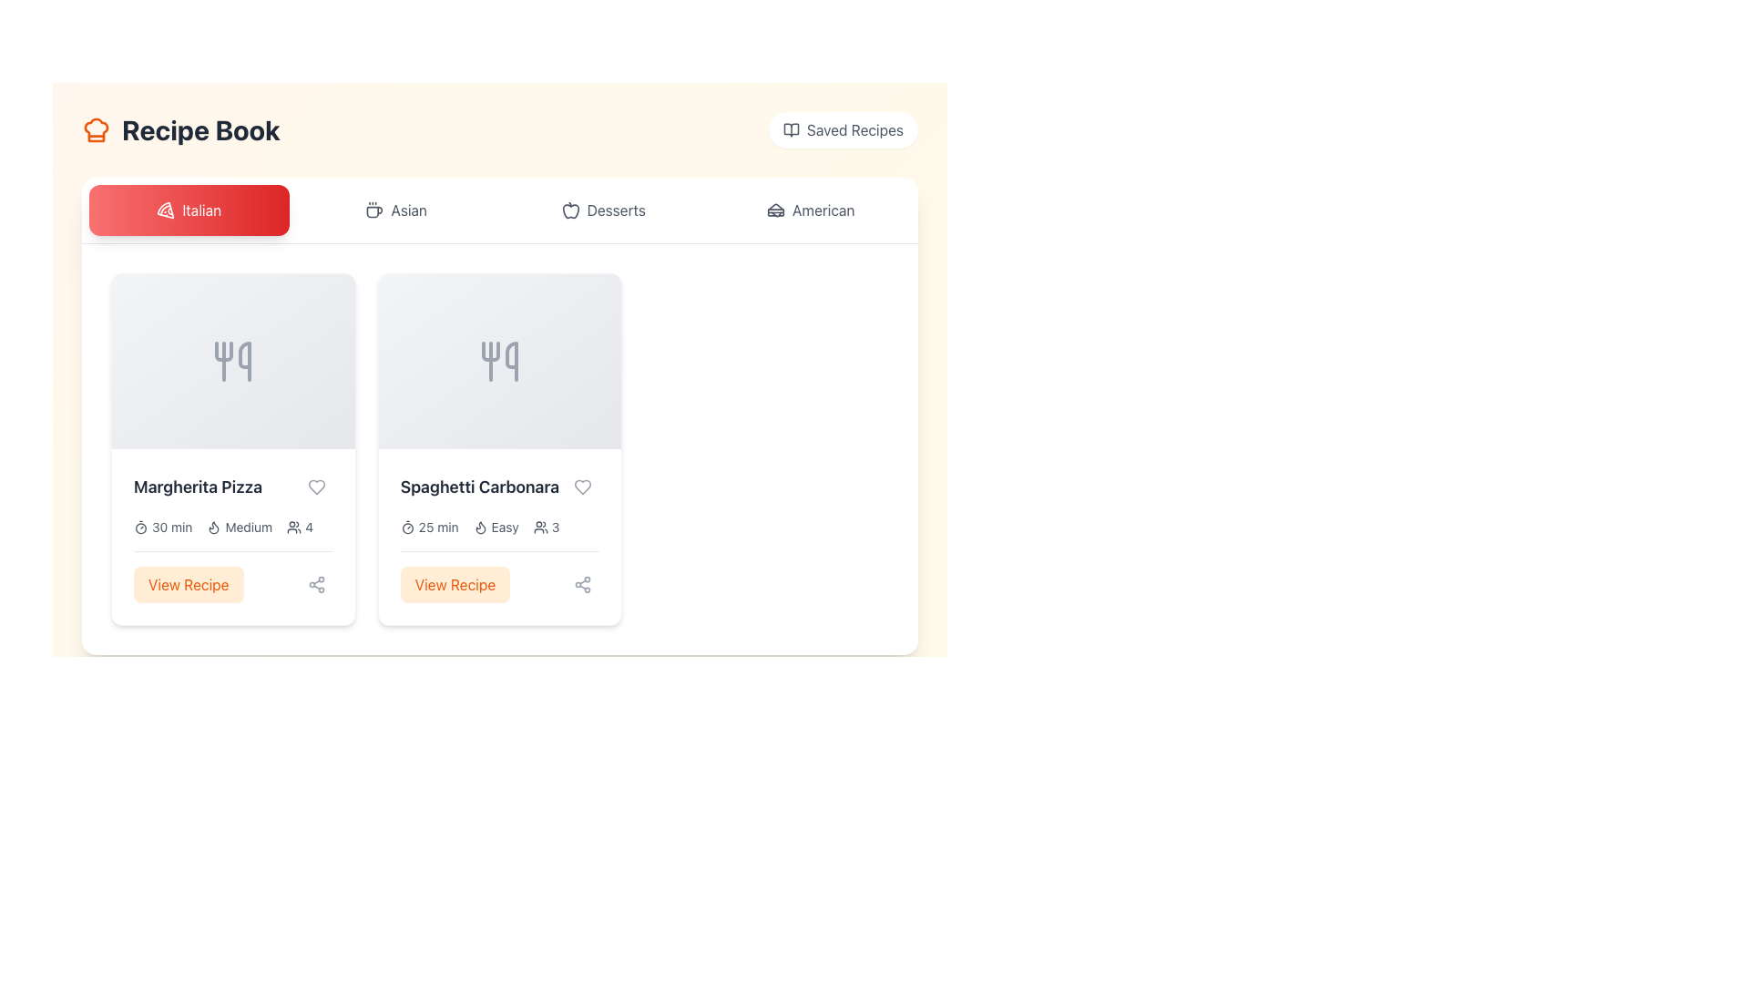 This screenshot has height=984, width=1749. I want to click on the share button located in the bottom right corner of the 'Margherita Pizza' recipe card, so click(316, 584).